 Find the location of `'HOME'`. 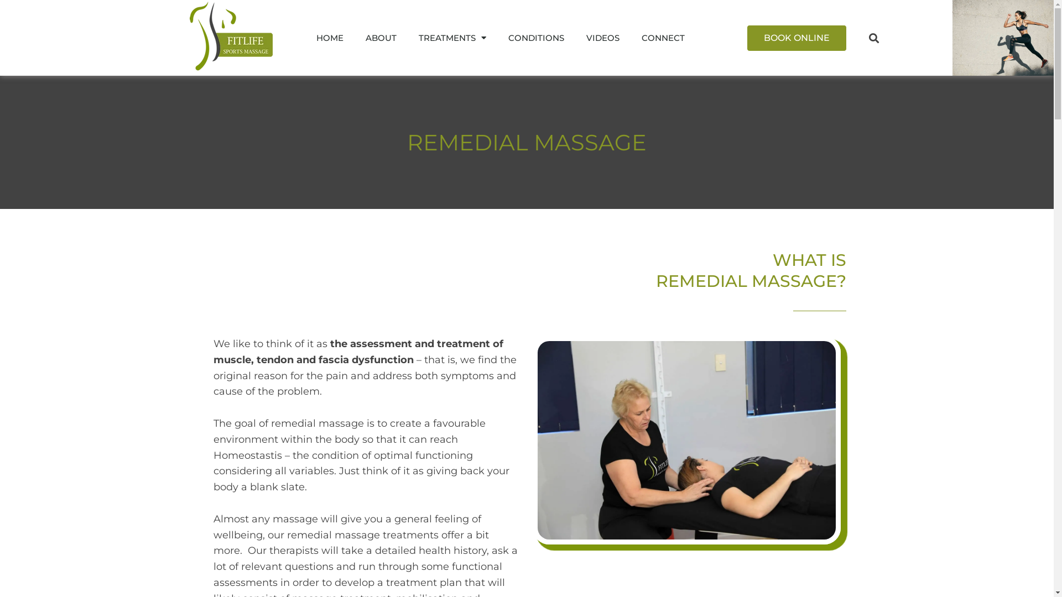

'HOME' is located at coordinates (305, 37).